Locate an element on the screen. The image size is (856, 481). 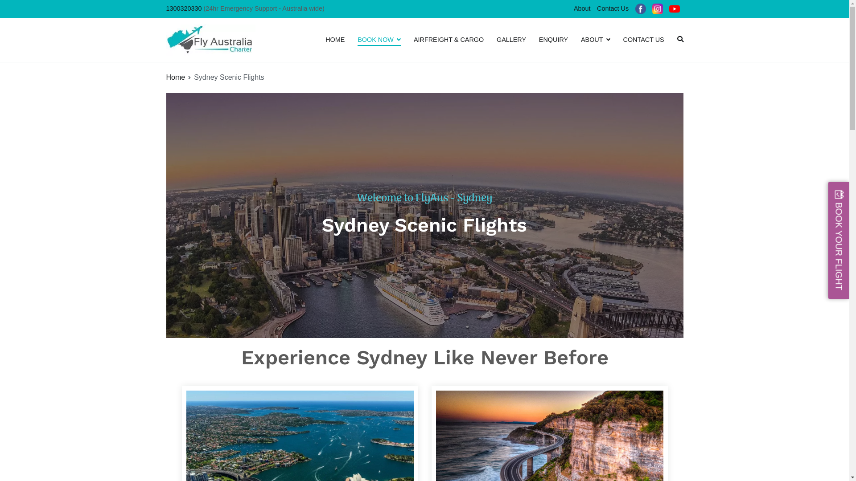
'FlyAus' is located at coordinates (276, 46).